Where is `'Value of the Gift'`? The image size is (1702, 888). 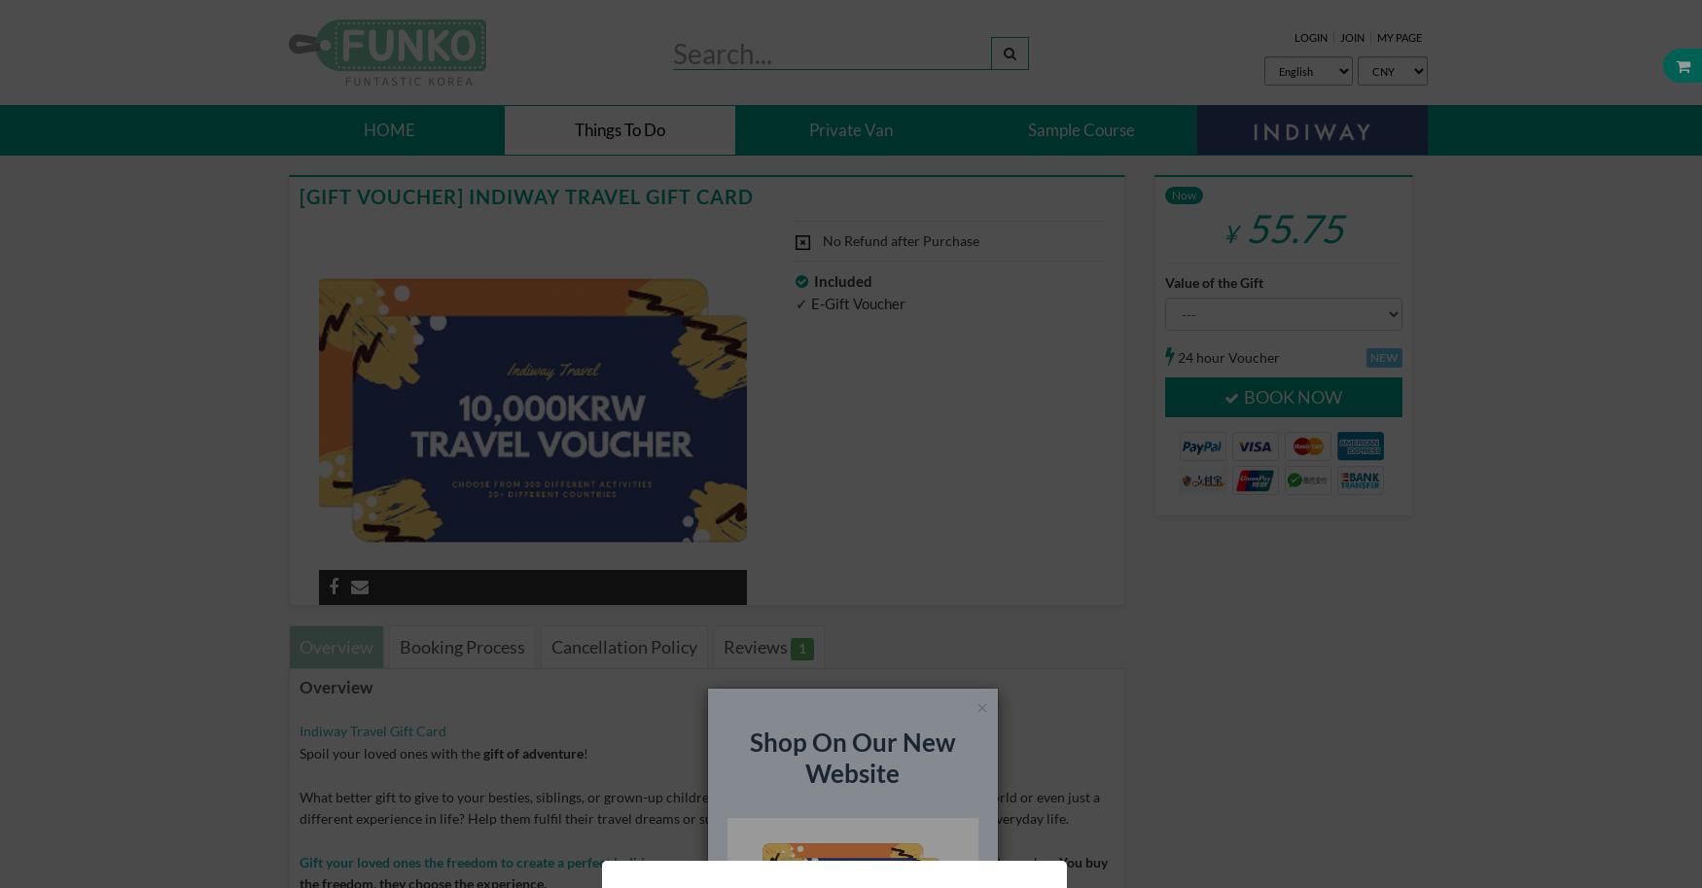
'Value of the Gift' is located at coordinates (1213, 282).